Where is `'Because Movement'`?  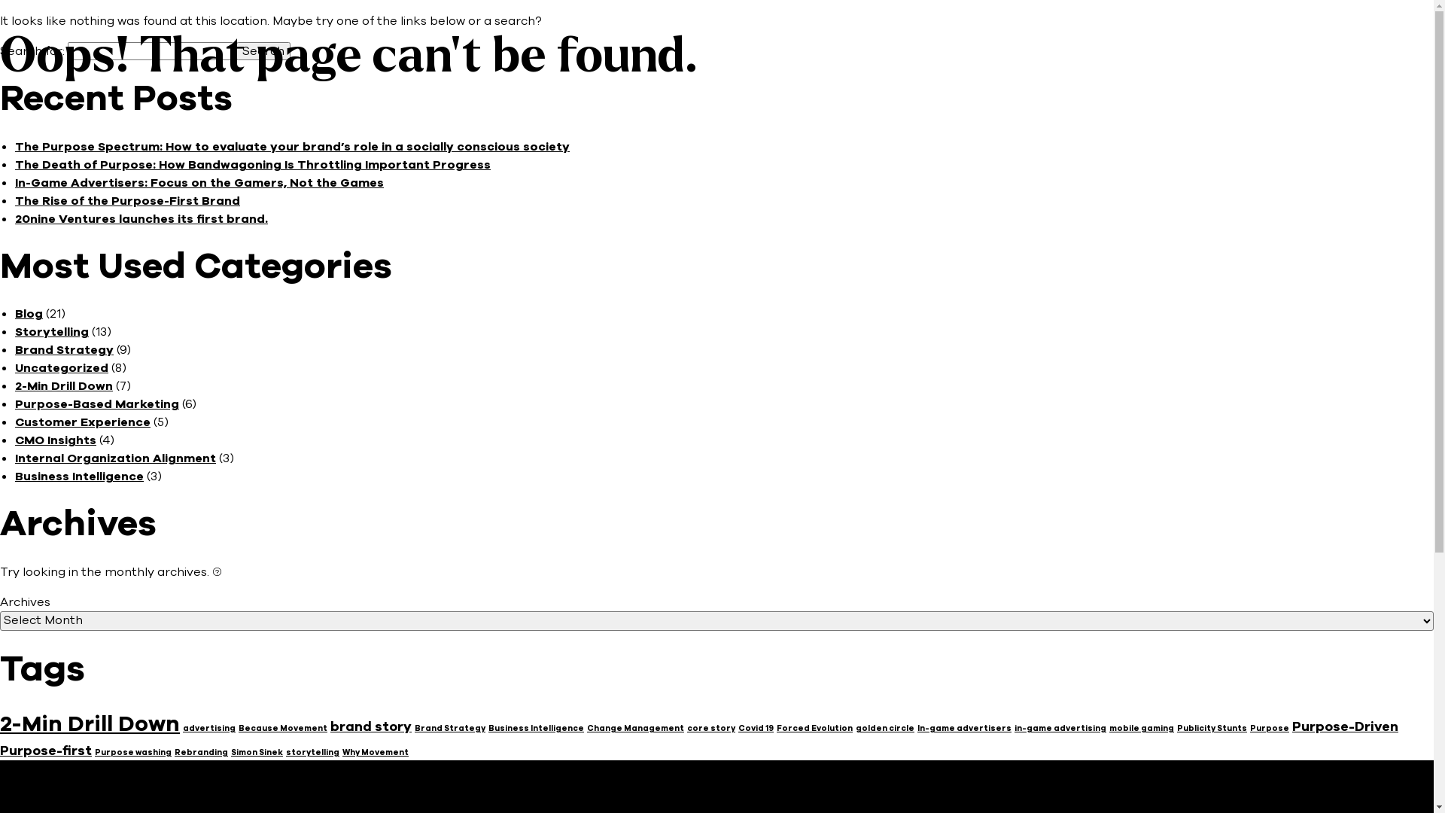 'Because Movement' is located at coordinates (282, 727).